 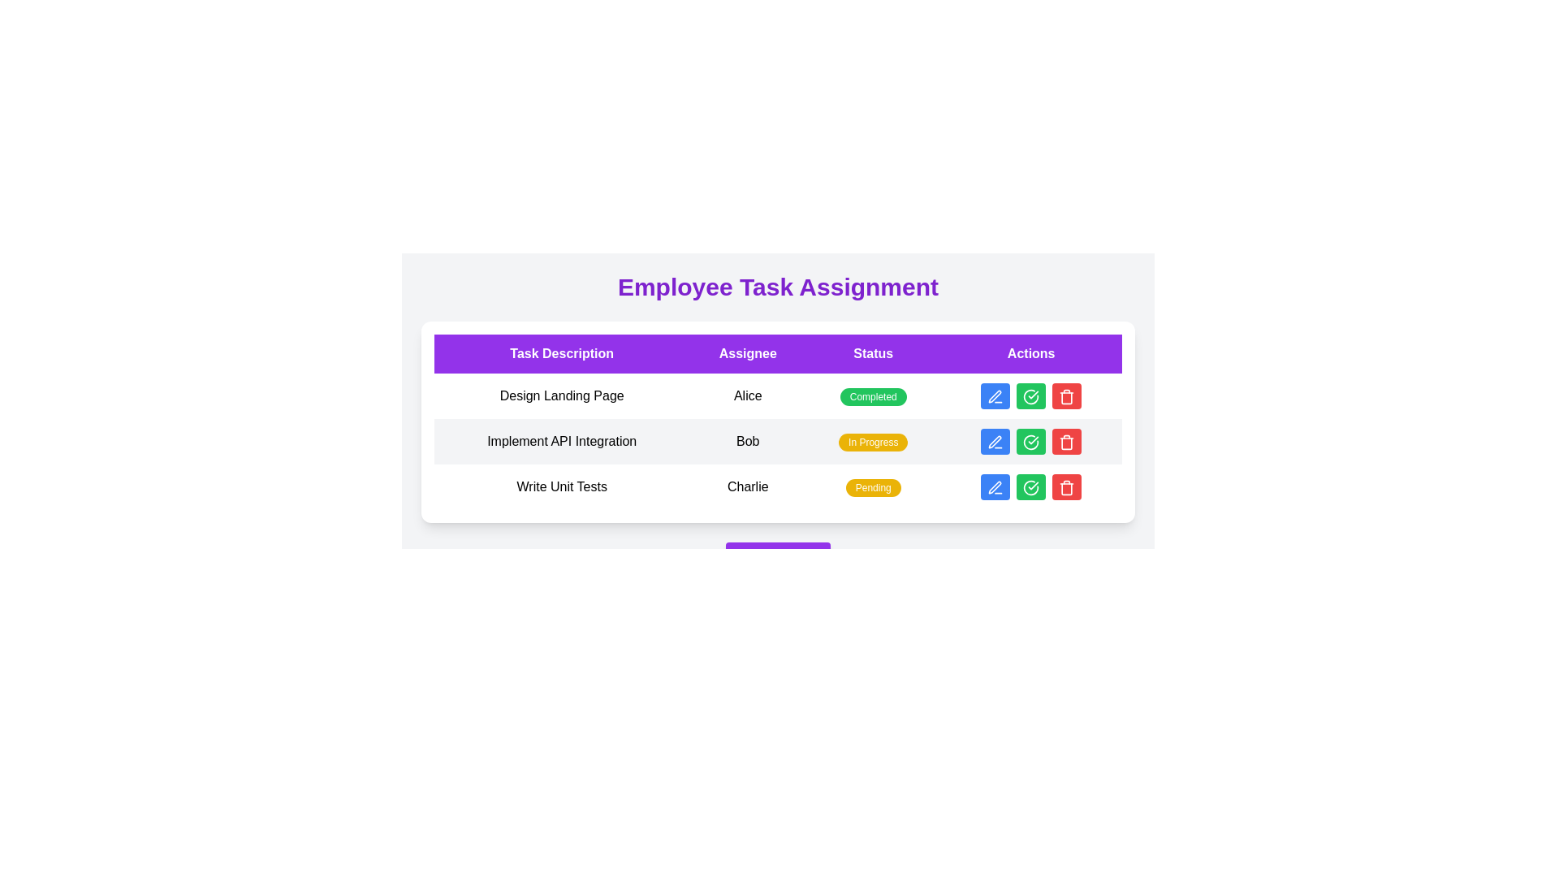 What do you see at coordinates (872, 486) in the screenshot?
I see `the 'Pending' status label in the 'Status' column for the task 'Write Unit Tests' assigned to 'Charlie'` at bounding box center [872, 486].